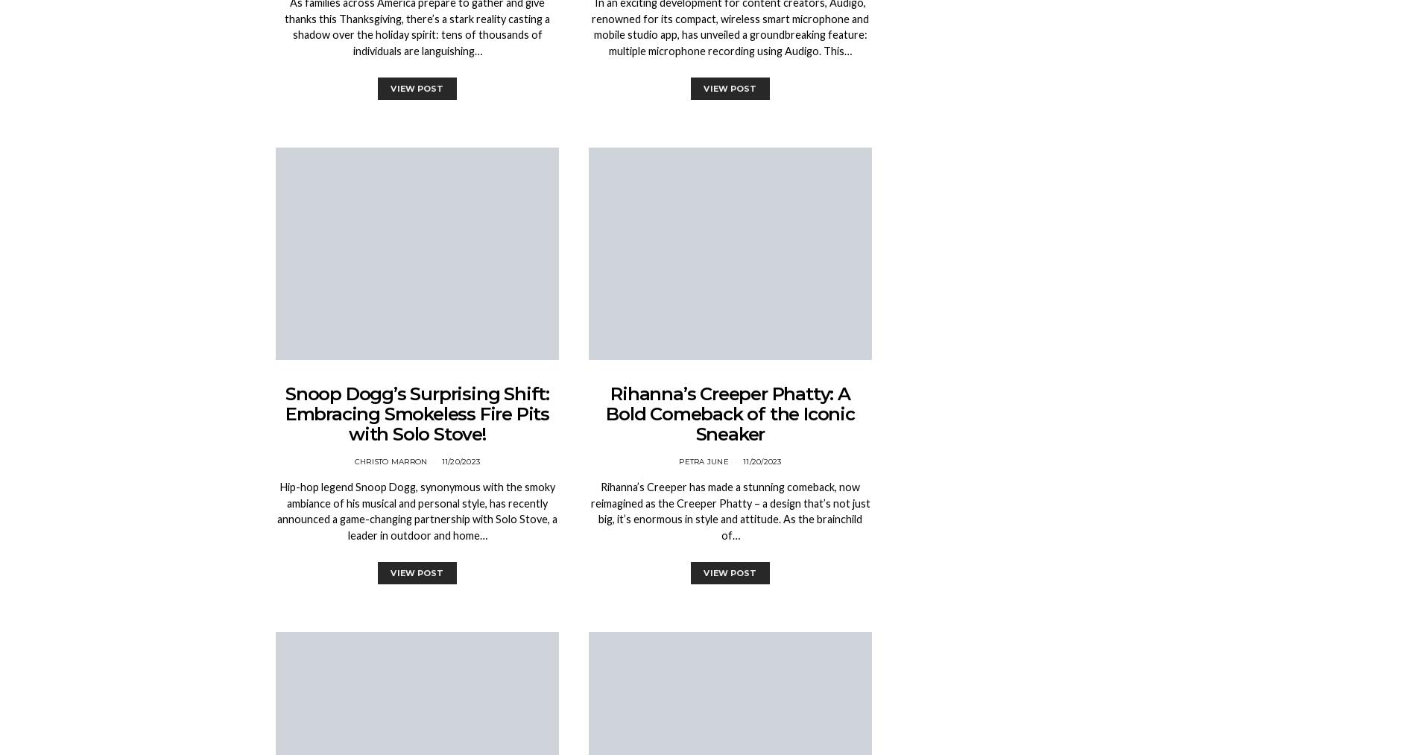 Image resolution: width=1416 pixels, height=755 pixels. I want to click on 'Petra June', so click(702, 461).